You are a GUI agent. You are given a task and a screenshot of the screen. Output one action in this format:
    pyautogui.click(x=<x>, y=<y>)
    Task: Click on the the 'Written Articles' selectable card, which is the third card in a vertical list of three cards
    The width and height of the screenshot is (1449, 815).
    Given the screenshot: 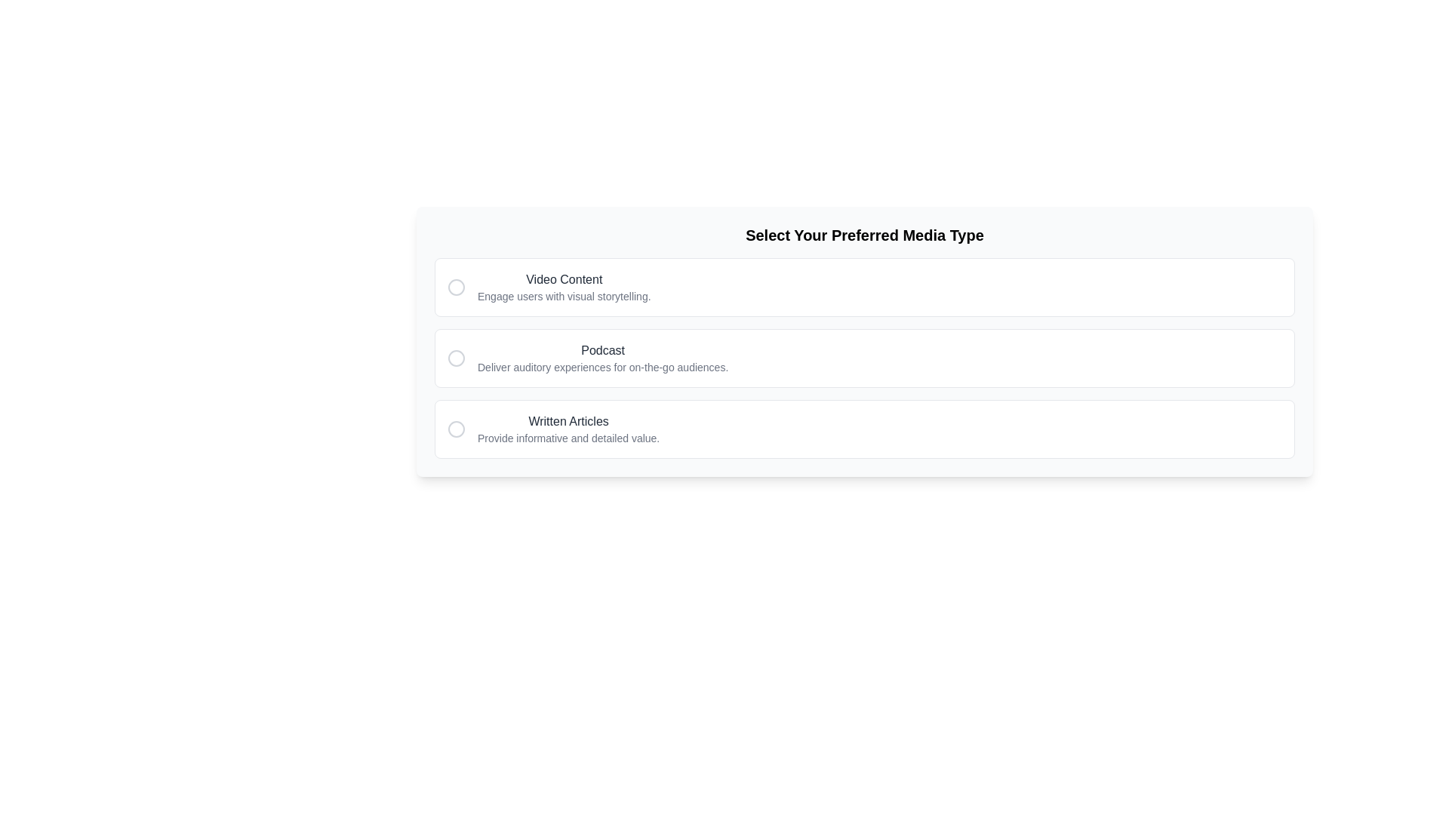 What is the action you would take?
    pyautogui.click(x=865, y=429)
    